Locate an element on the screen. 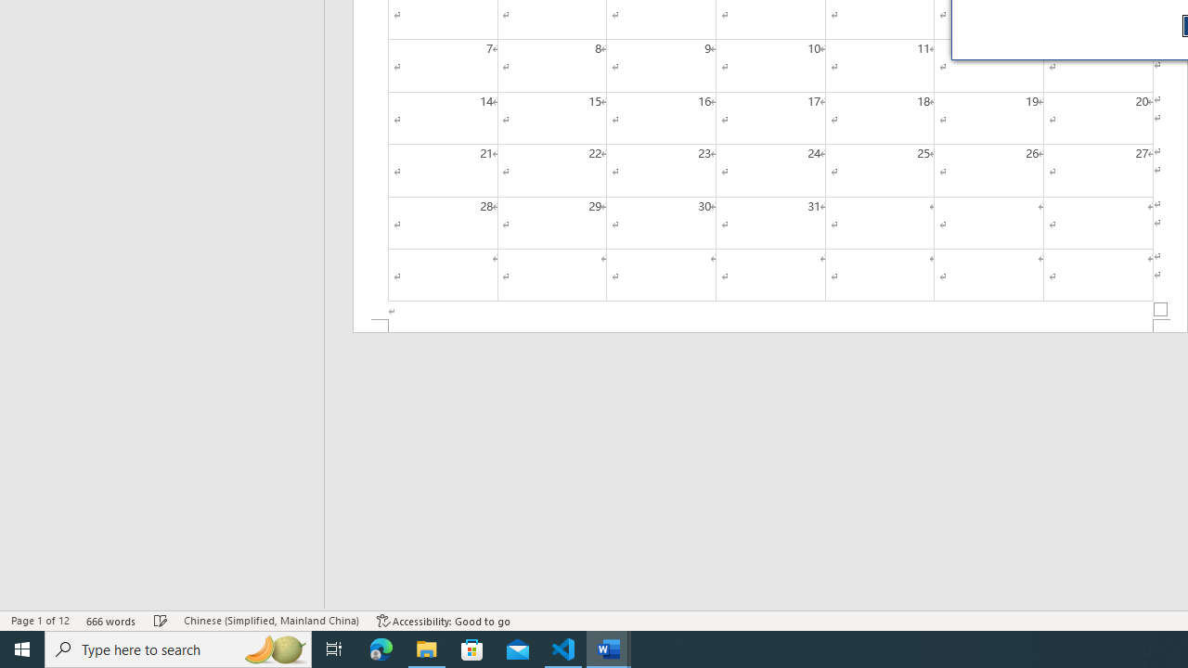  'Footer -Section 1-' is located at coordinates (770, 325).